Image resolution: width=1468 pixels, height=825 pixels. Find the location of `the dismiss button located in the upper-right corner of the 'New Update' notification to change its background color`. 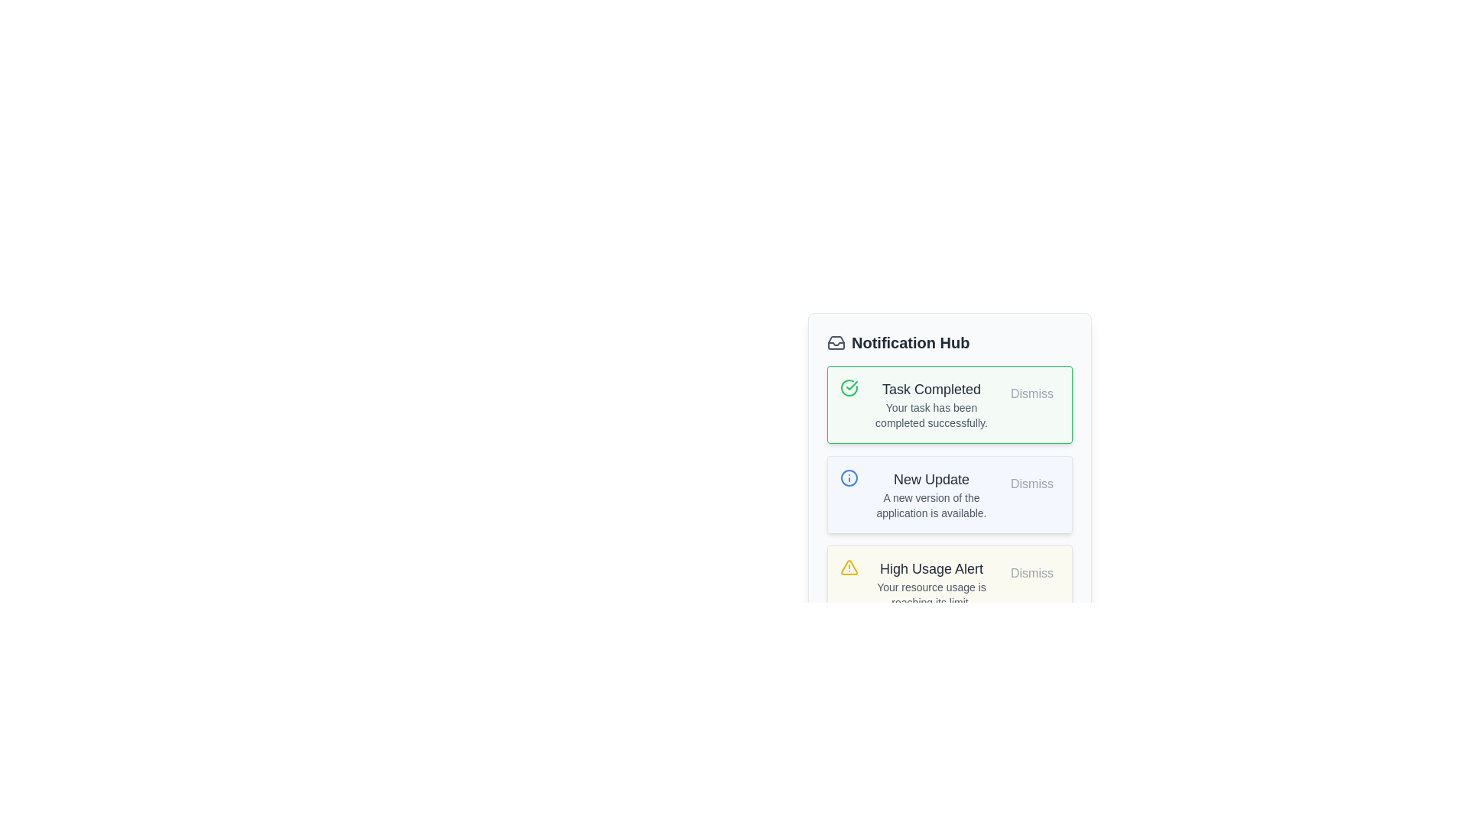

the dismiss button located in the upper-right corner of the 'New Update' notification to change its background color is located at coordinates (1031, 484).